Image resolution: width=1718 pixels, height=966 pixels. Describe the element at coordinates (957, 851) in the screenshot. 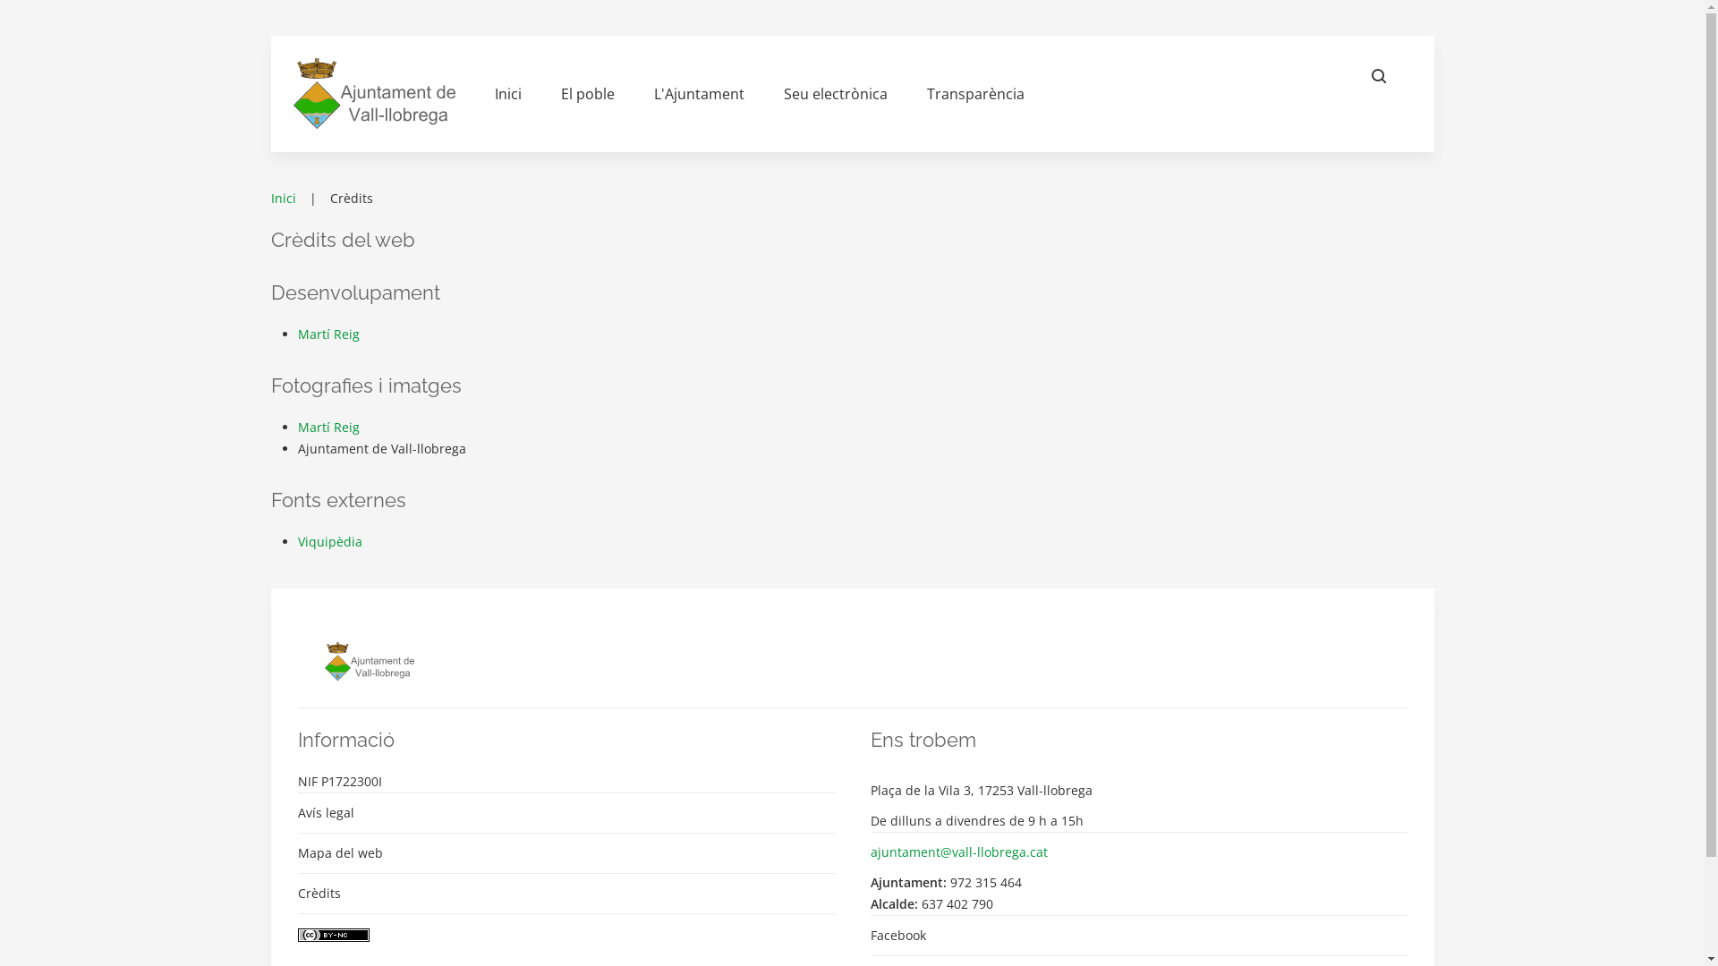

I see `'ajuntament@vall-llobrega.cat'` at that location.